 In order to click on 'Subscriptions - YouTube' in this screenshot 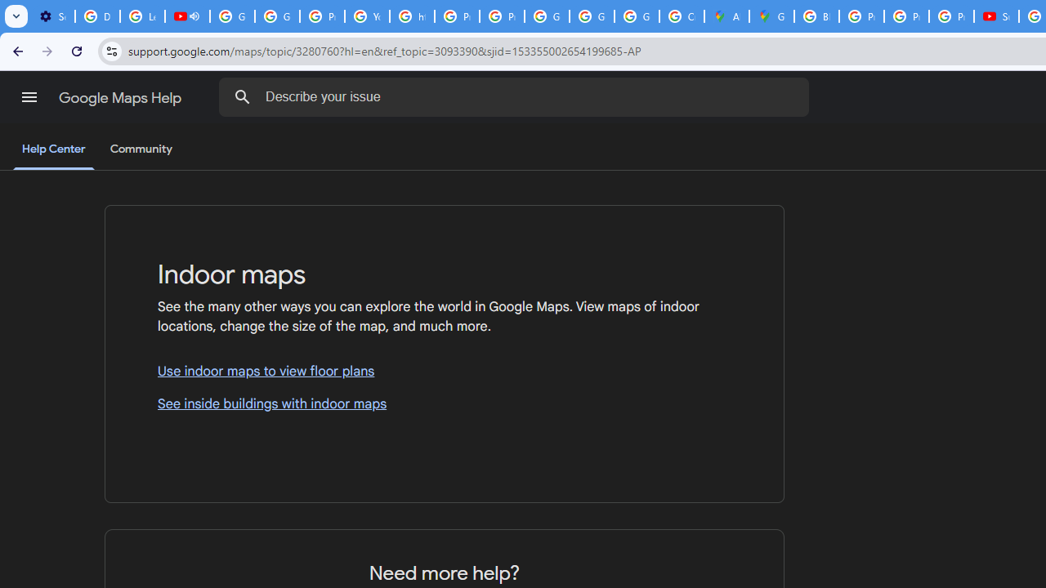, I will do `click(995, 16)`.